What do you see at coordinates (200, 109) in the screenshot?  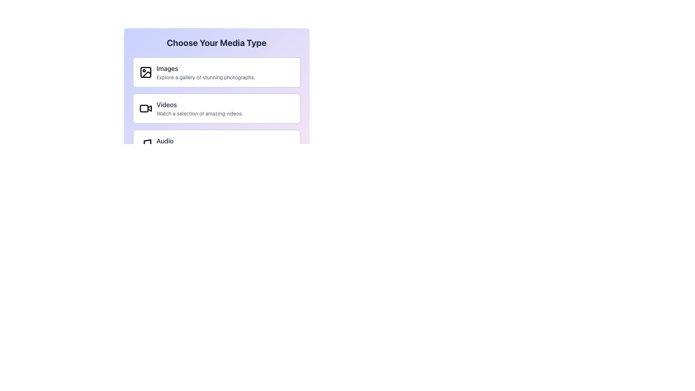 I see `the Text Description Block located in the second box of the media type options card, positioned between 'Images' and 'Audio'` at bounding box center [200, 109].